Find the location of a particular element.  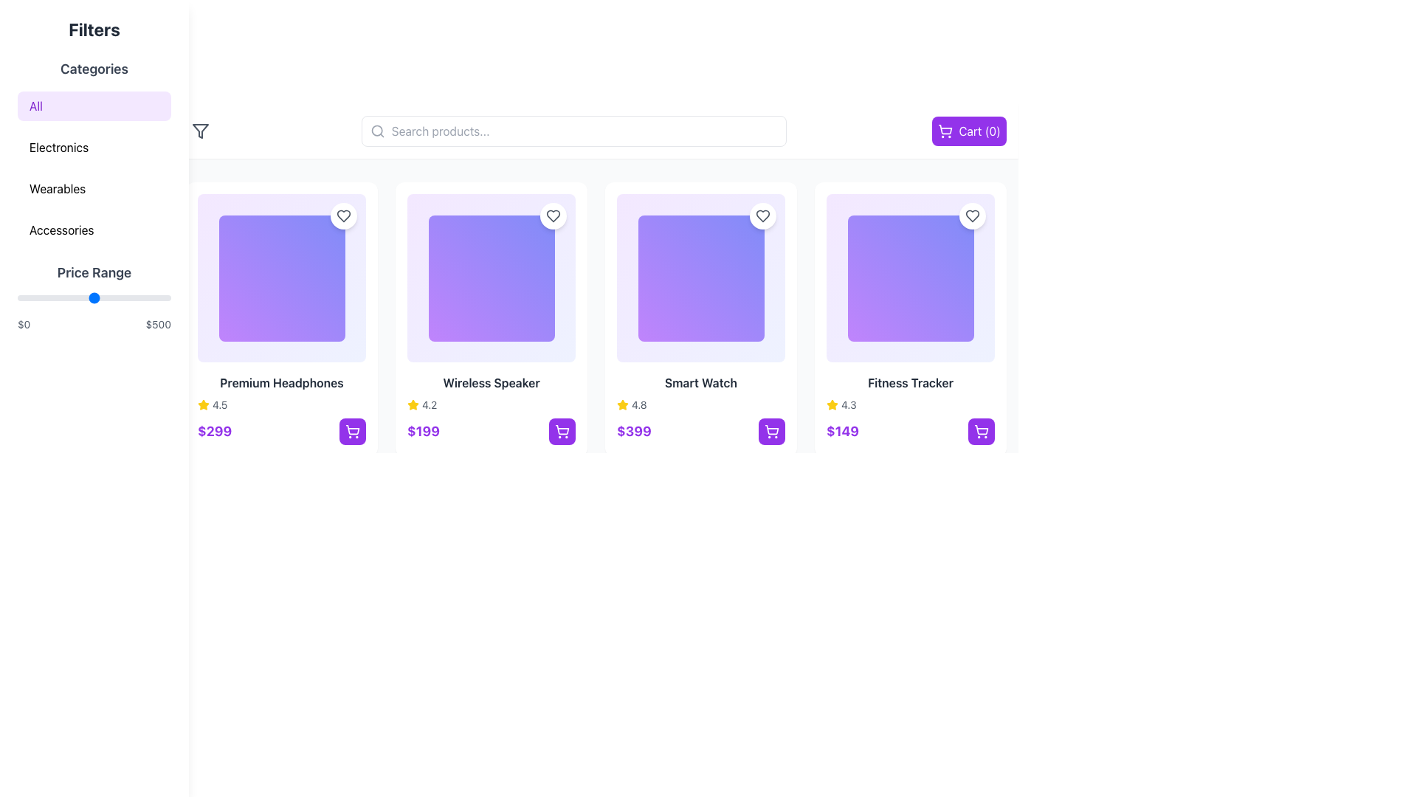

the 'Electronics' button, which is the second option in the category filters under 'Categories' is located at coordinates (94, 148).